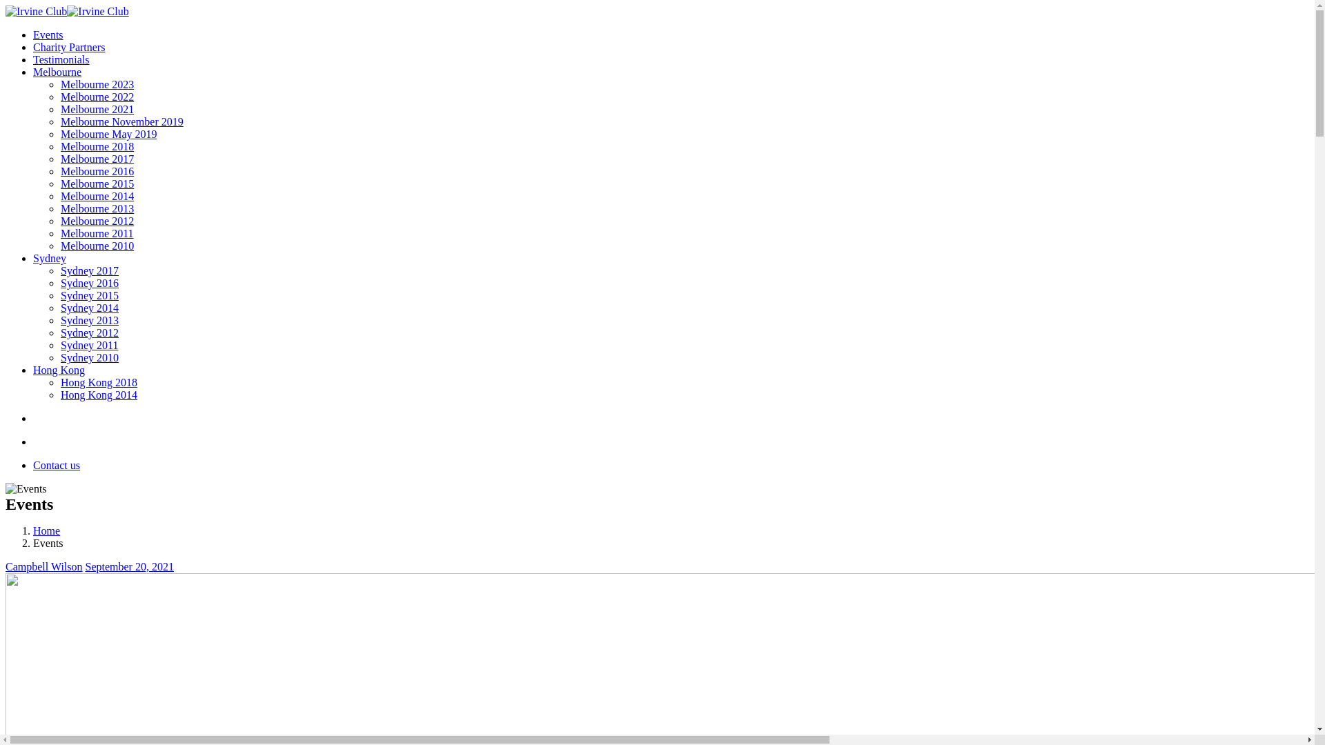 This screenshot has width=1325, height=745. What do you see at coordinates (98, 395) in the screenshot?
I see `'Hong Kong 2014'` at bounding box center [98, 395].